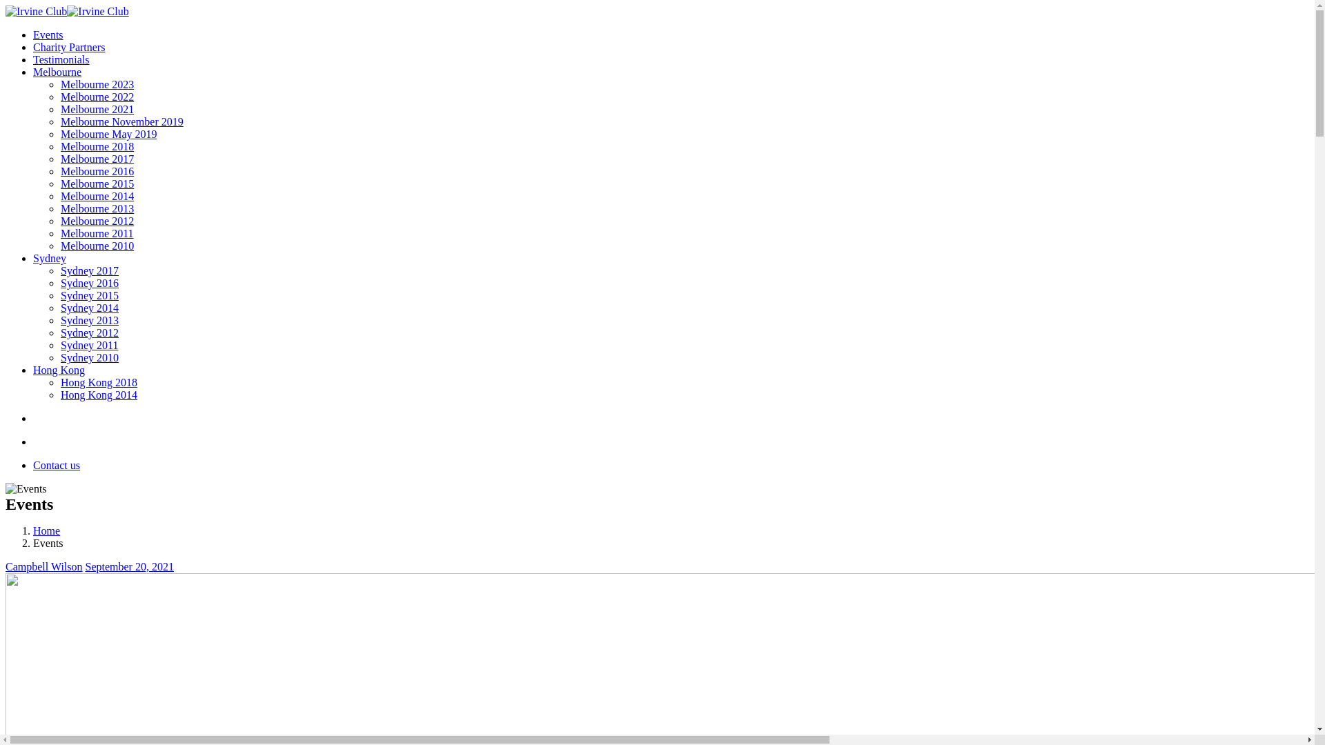 This screenshot has width=1325, height=745. What do you see at coordinates (98, 395) in the screenshot?
I see `'Hong Kong 2014'` at bounding box center [98, 395].